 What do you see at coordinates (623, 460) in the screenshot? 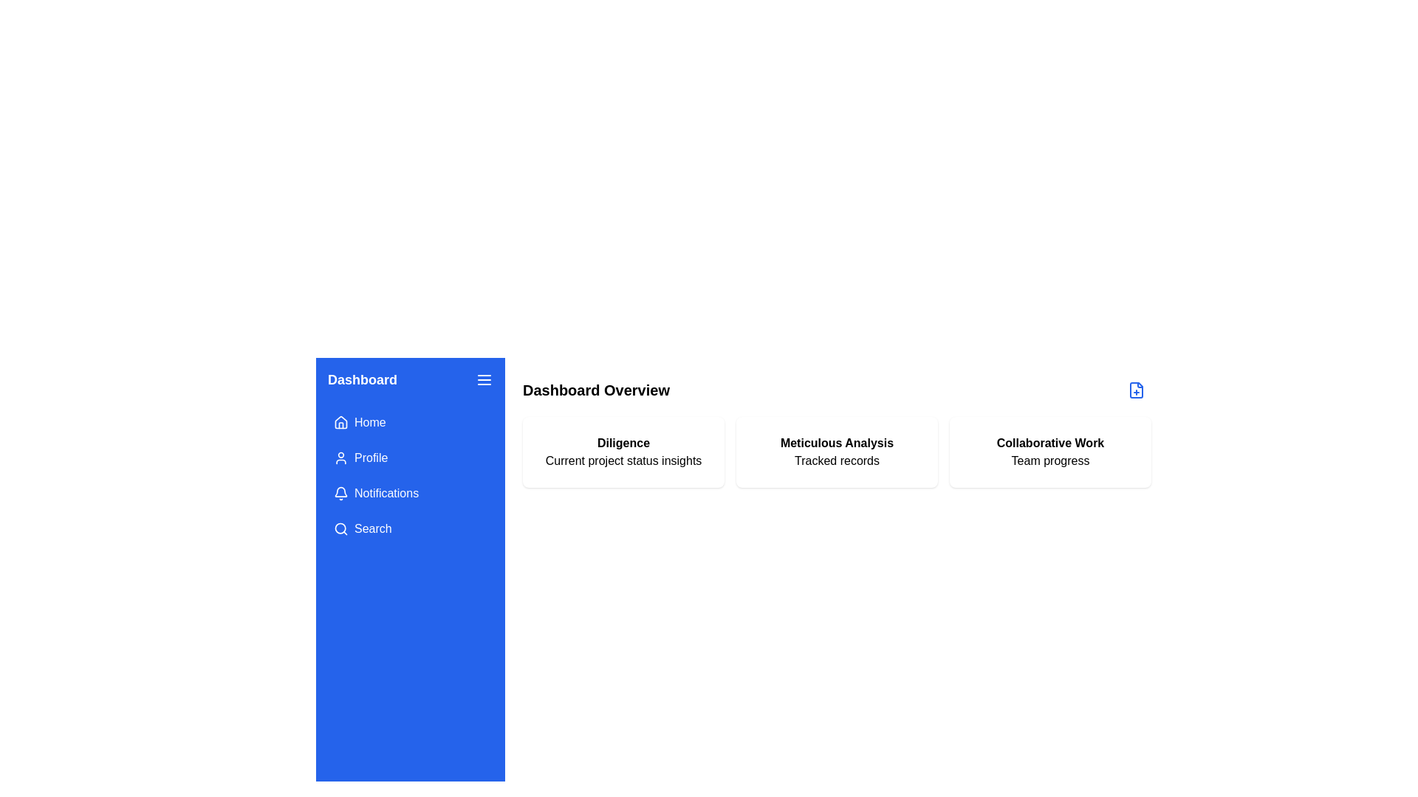
I see `the text label providing insights related to the title 'Diligence', which is located within the rectangular white card titled 'Diligence' and is positioned below the bolded text 'Diligence'` at bounding box center [623, 460].